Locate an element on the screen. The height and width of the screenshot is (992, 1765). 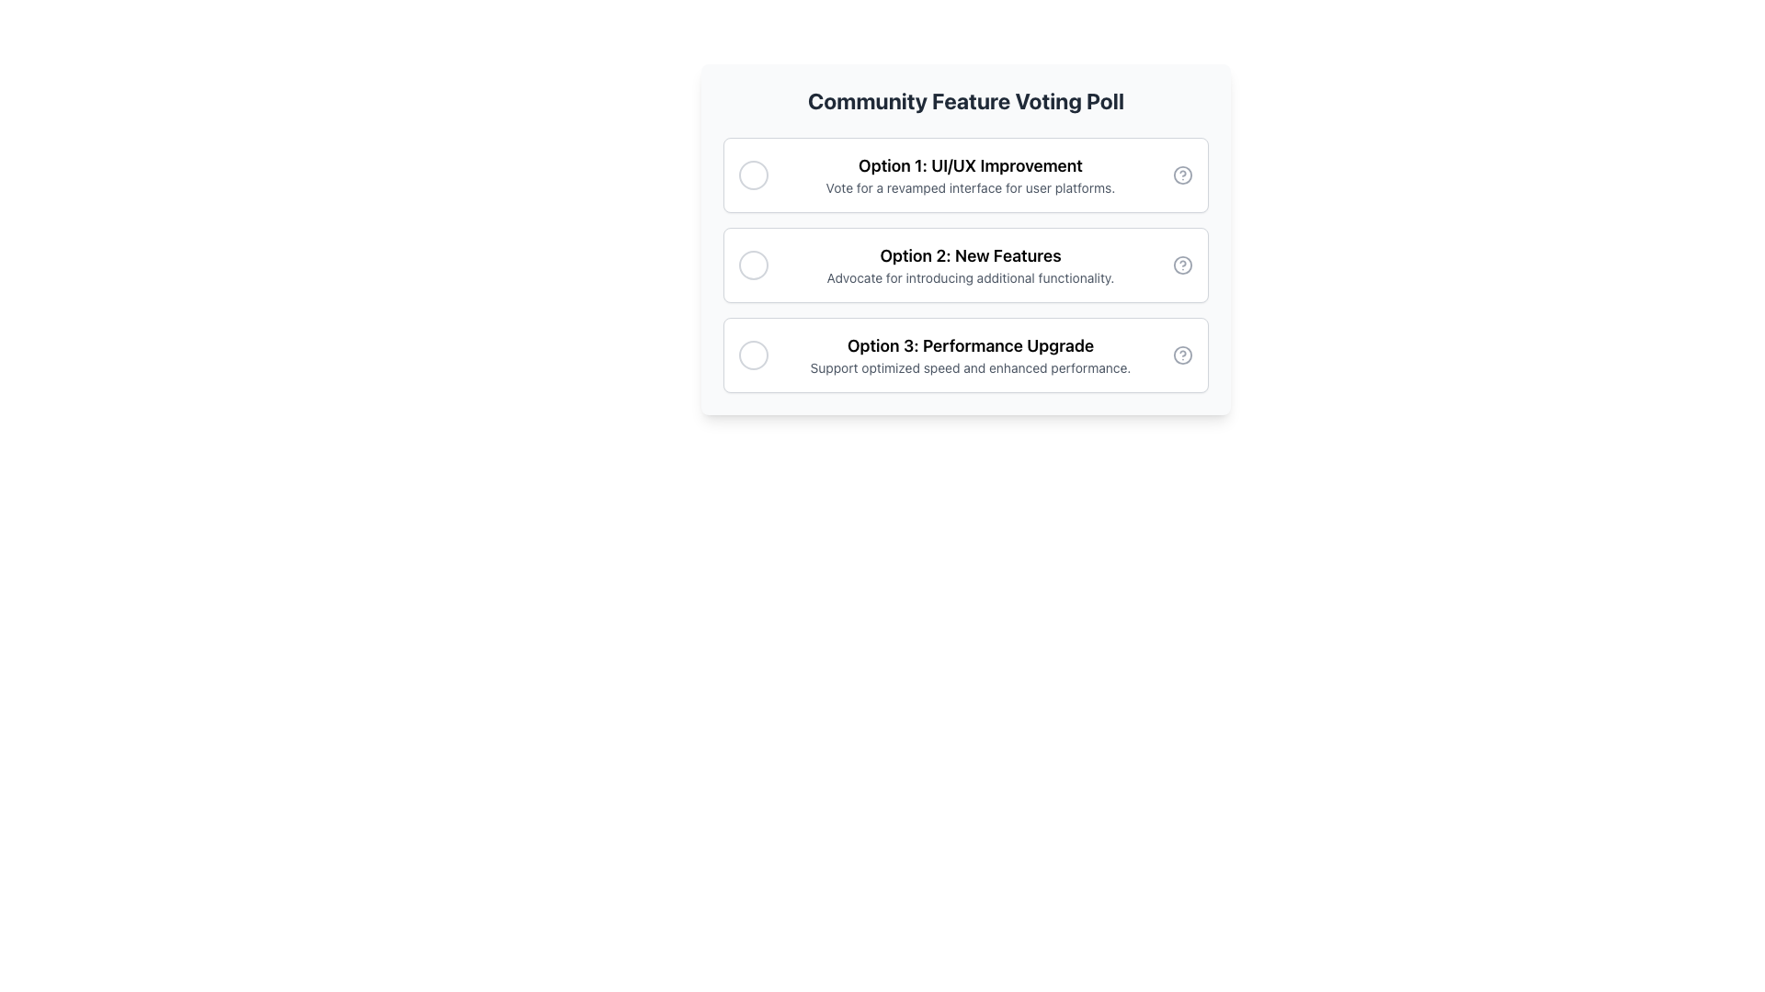
title 'Option 3: Performance Upgrade' and description 'Support optimized speed and enhanced performance.' from the third Option card in the Community Feature Voting Poll is located at coordinates (965, 355).